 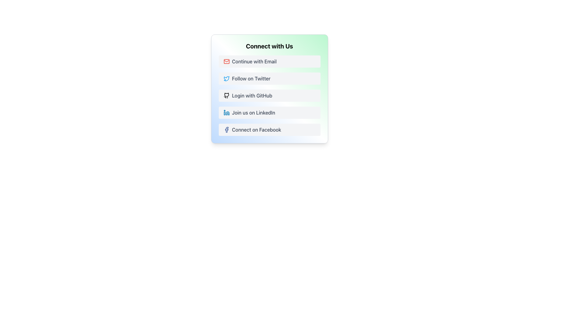 What do you see at coordinates (226, 61) in the screenshot?
I see `the email authentication icon, which is the first item on the left side of the 'Continue with Email' button` at bounding box center [226, 61].